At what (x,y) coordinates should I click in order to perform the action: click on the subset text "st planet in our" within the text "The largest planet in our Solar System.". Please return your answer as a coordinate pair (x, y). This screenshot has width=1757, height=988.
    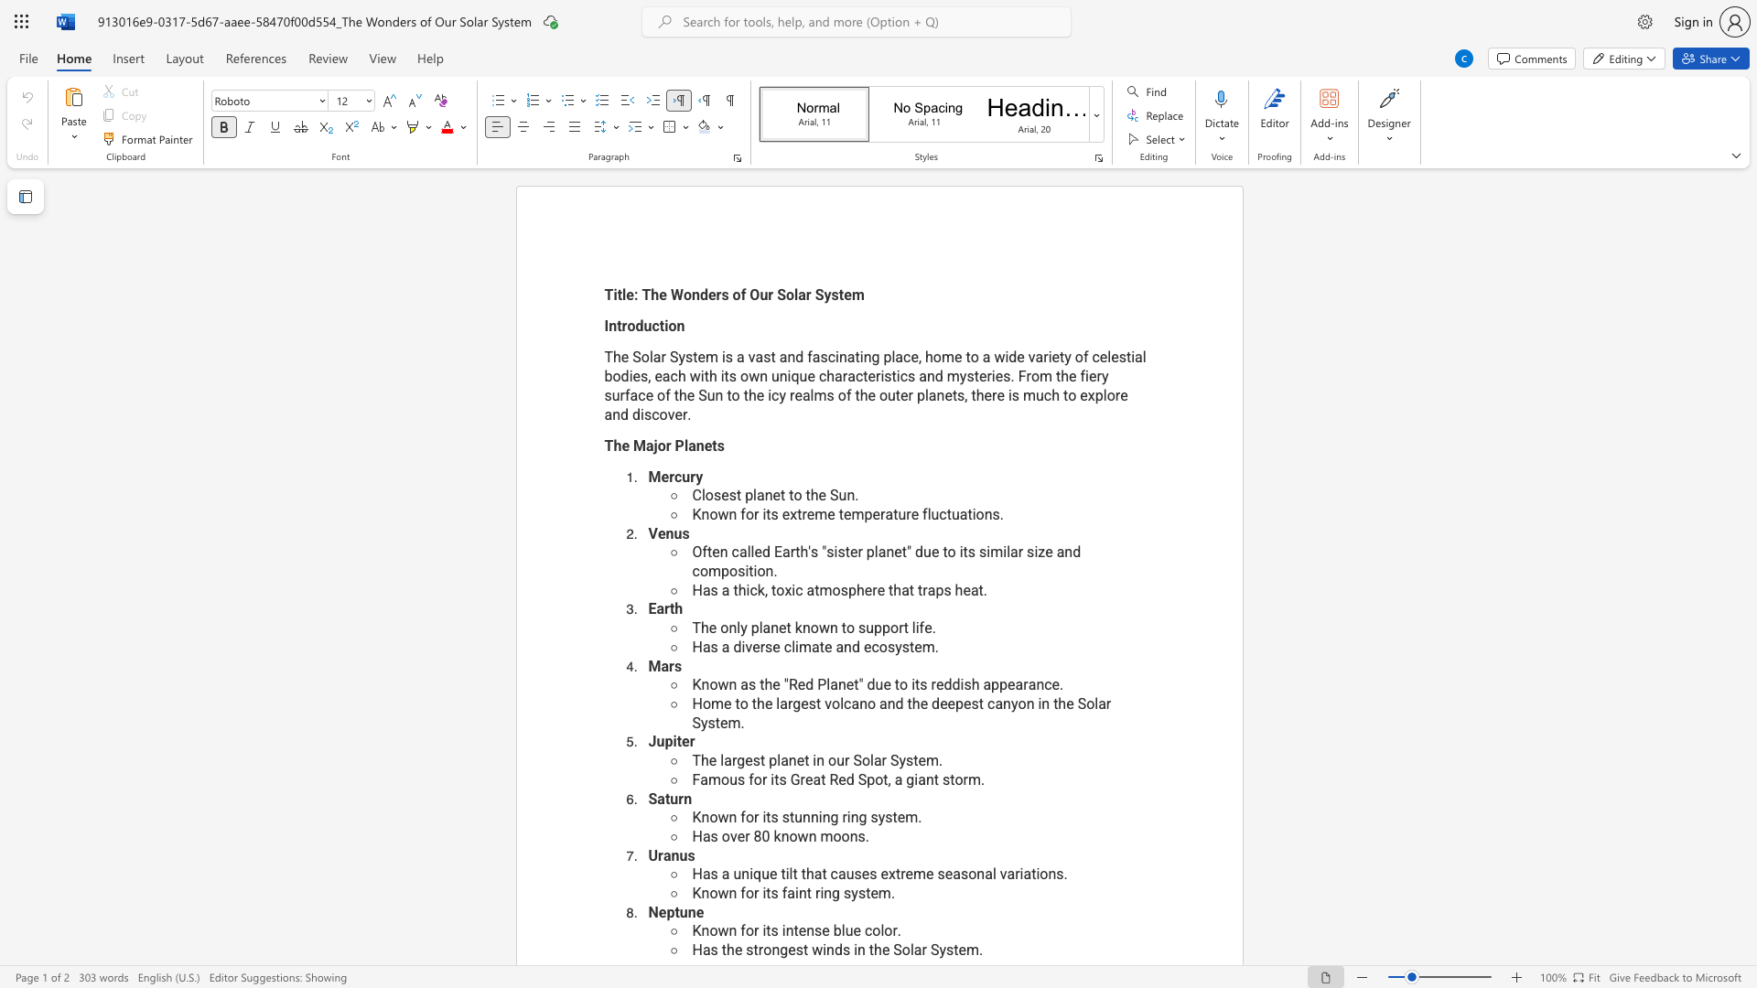
    Looking at the image, I should click on (752, 760).